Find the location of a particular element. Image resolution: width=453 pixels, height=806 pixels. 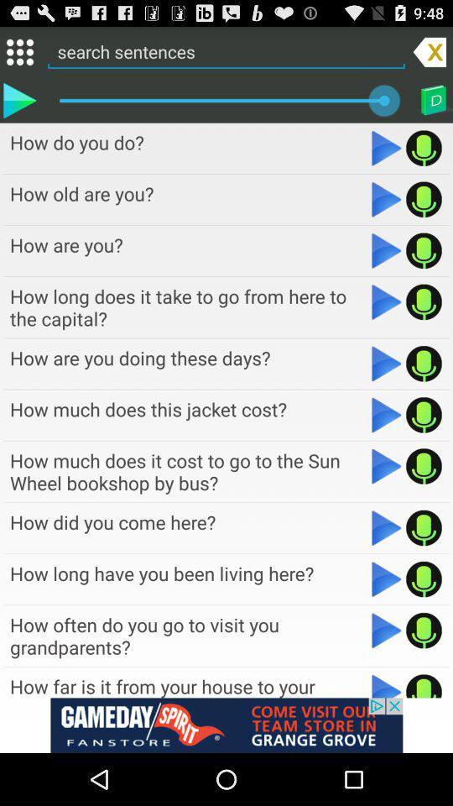

button is located at coordinates (387, 630).